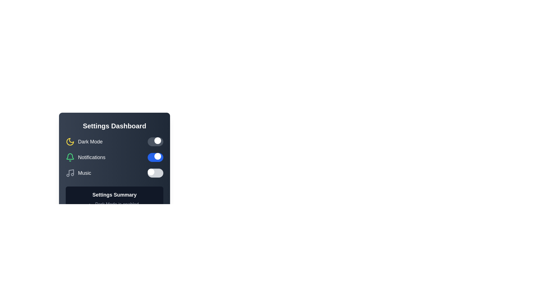  I want to click on the toggle switch for the 'Dark Mode' setting, which is a horizontal capsule with a dark gray background and a white circular knob, so click(156, 141).